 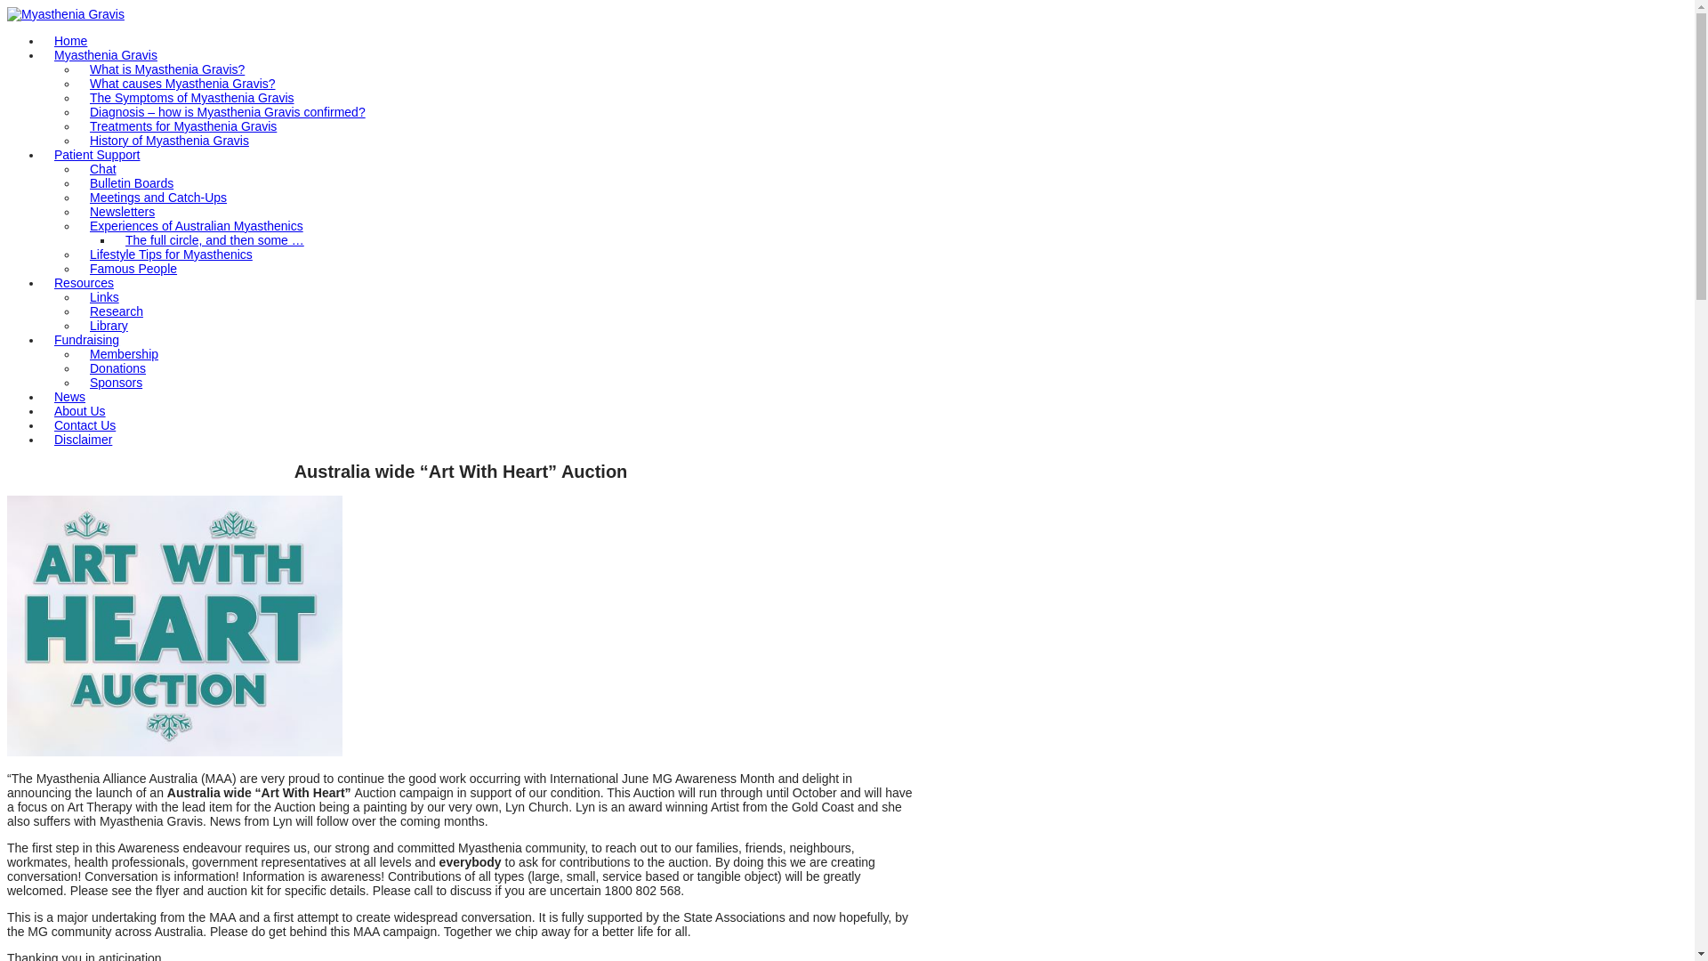 I want to click on 'Famous People', so click(x=132, y=268).